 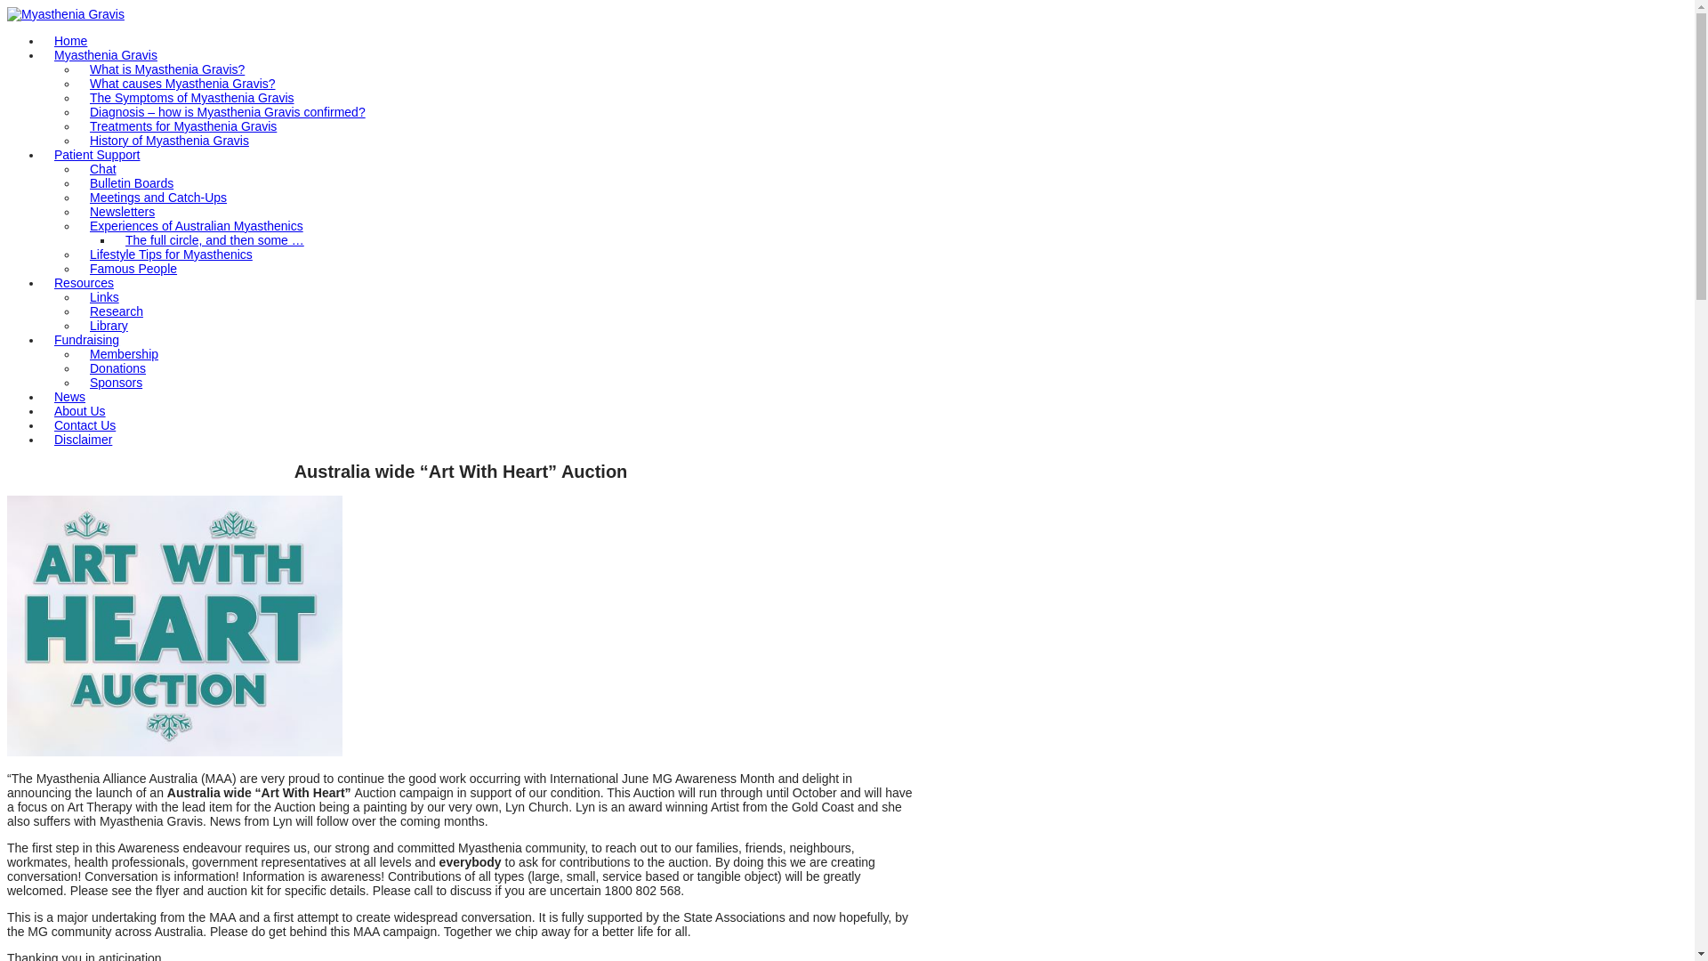 I want to click on 'Famous People', so click(x=132, y=268).